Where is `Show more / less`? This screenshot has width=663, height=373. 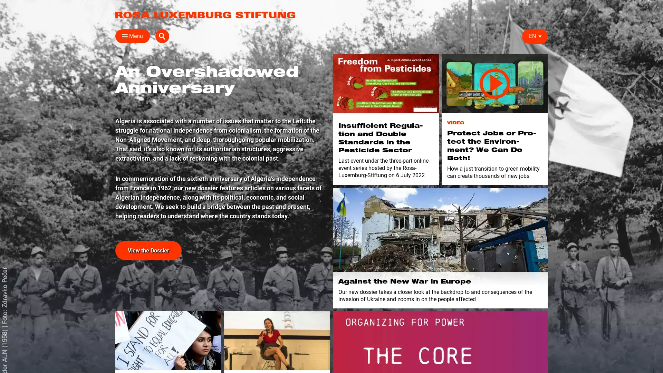
Show more / less is located at coordinates (220, 114).